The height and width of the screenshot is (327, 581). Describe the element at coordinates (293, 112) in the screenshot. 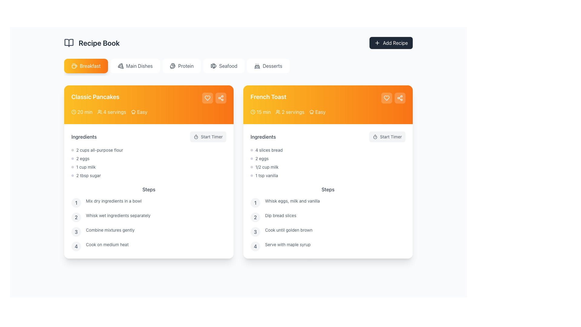

I see `the '2 servings' text label located in the header section of the 'French Toast' recipe card` at that location.